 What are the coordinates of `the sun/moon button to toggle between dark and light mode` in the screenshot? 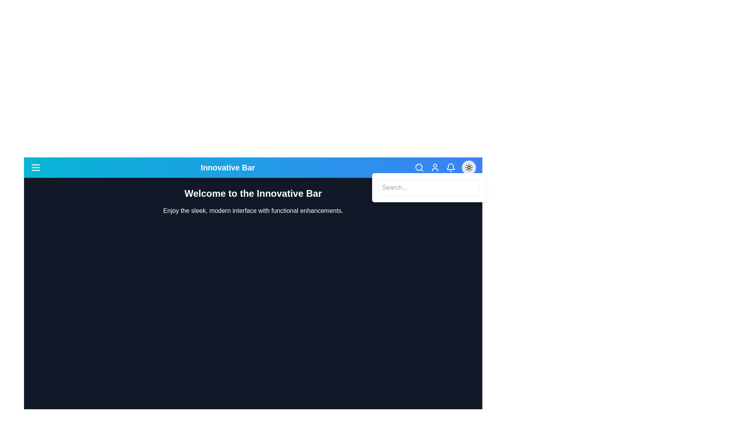 It's located at (469, 167).